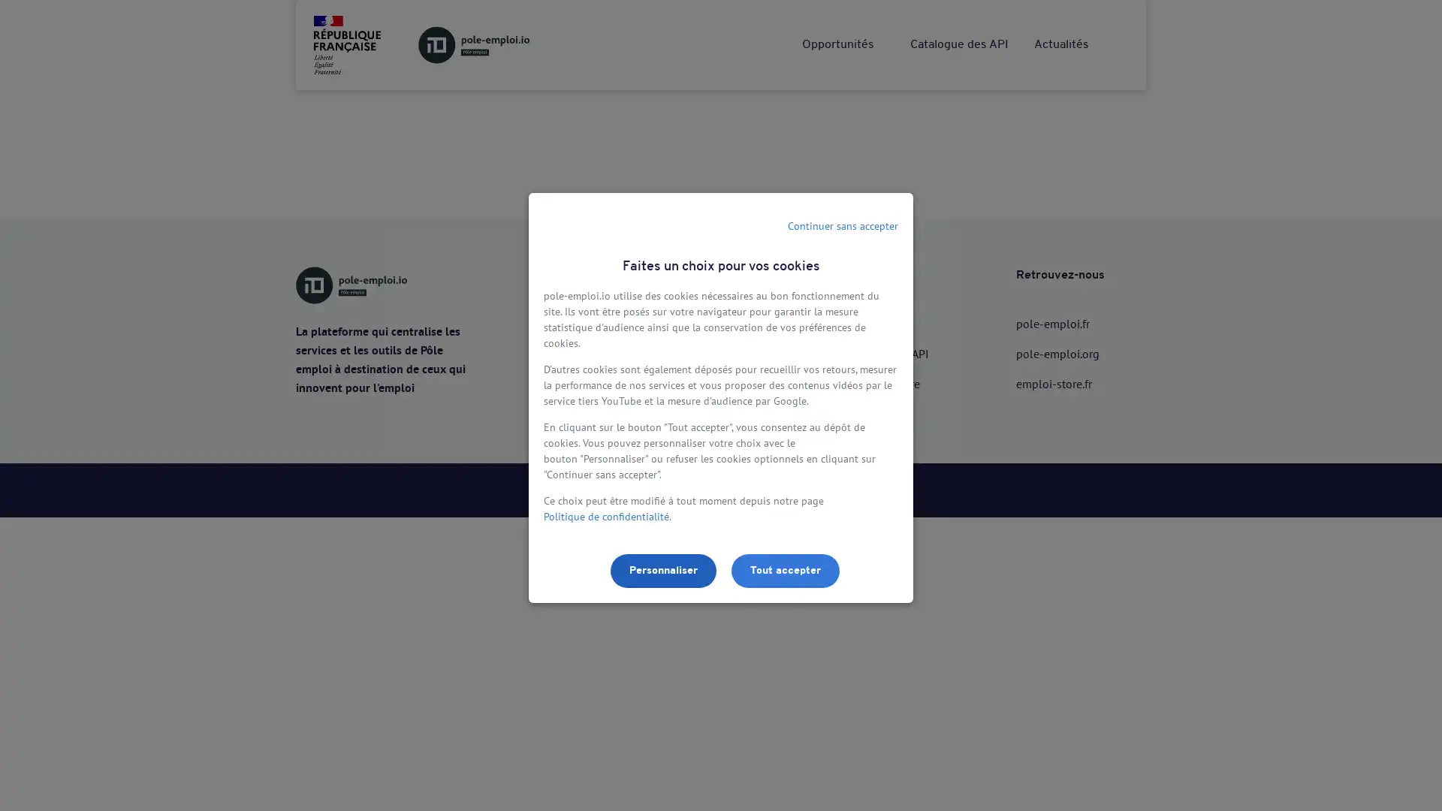  I want to click on Utiliser lAPI, so click(353, 396).